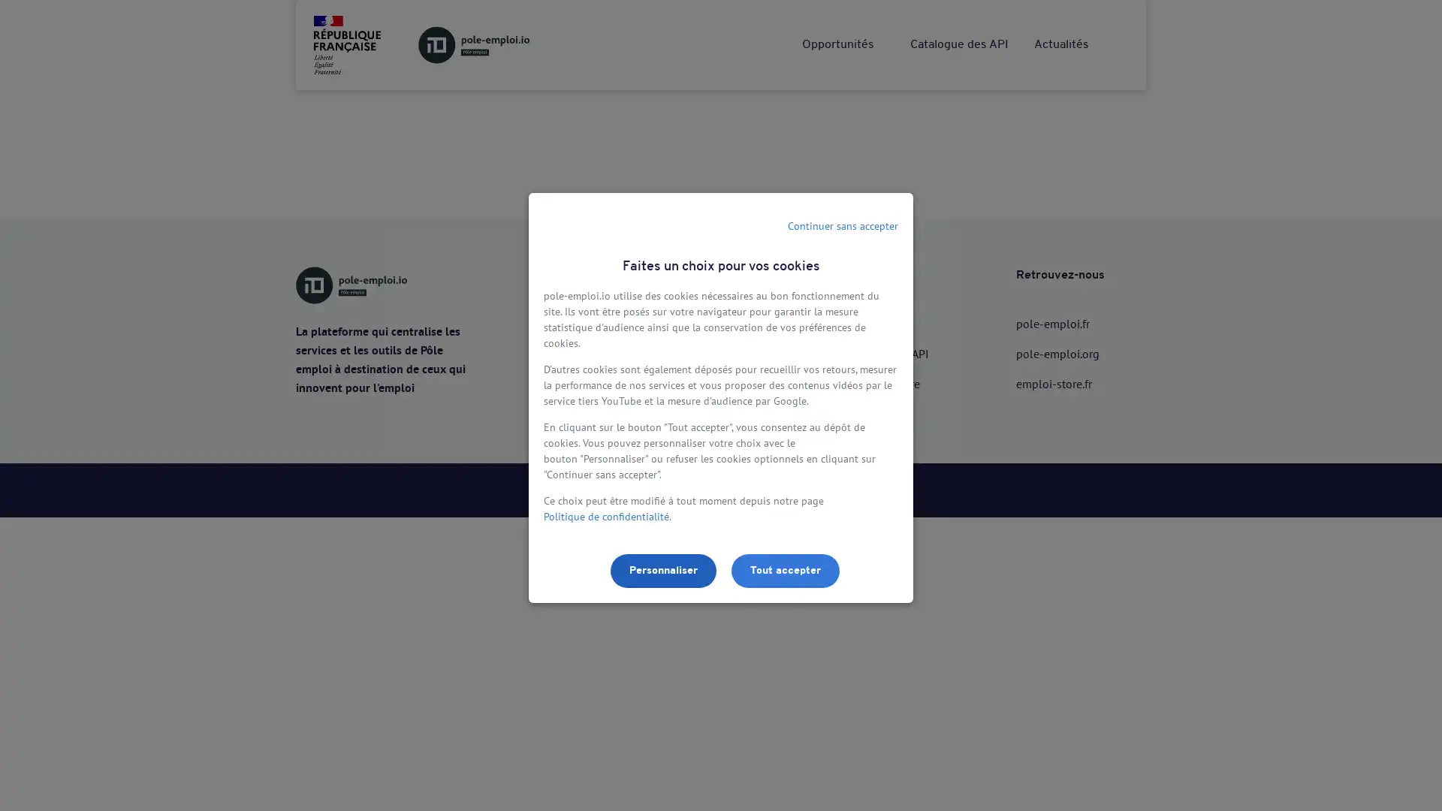  I want to click on Utiliser lAPI, so click(353, 396).